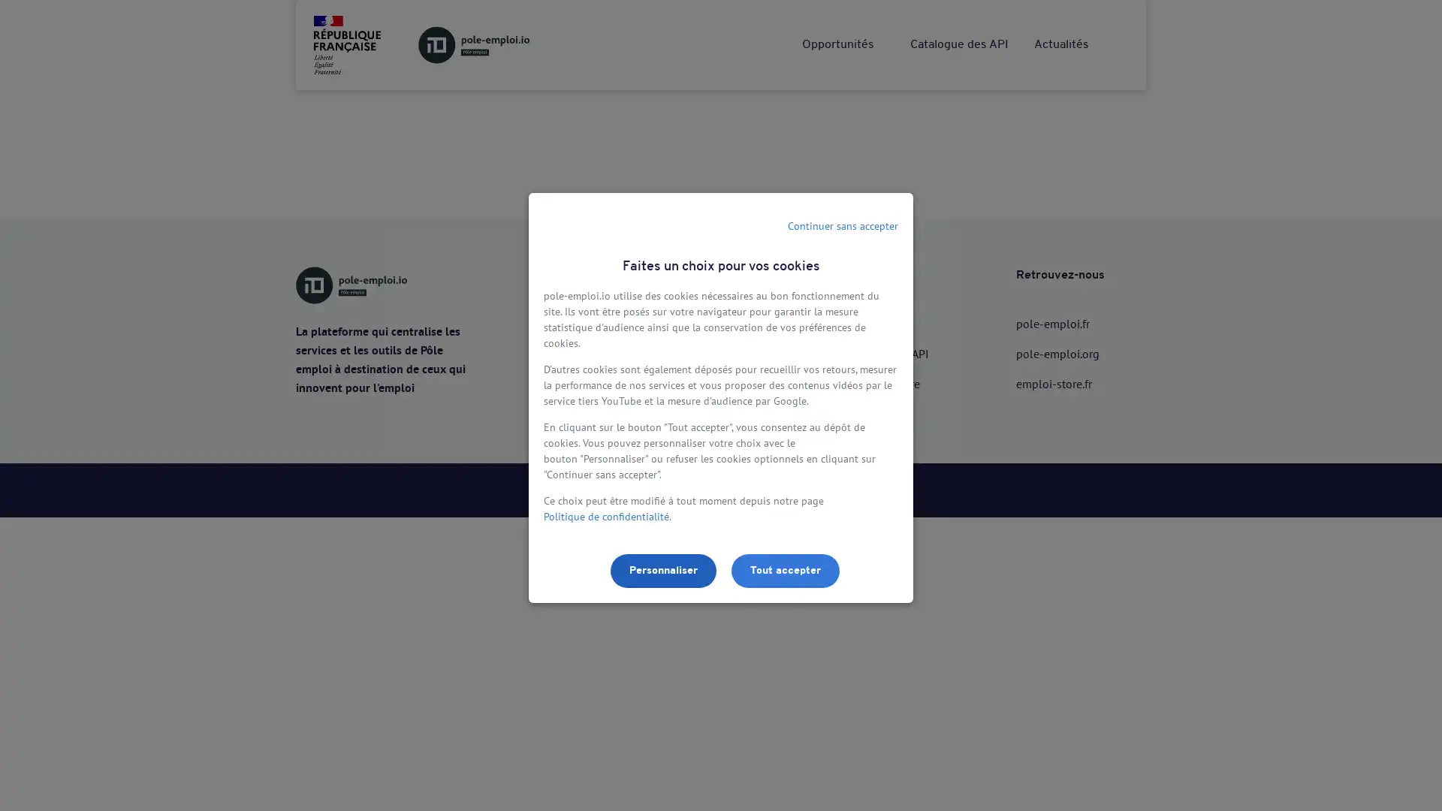  I want to click on Utiliser lAPI, so click(353, 396).